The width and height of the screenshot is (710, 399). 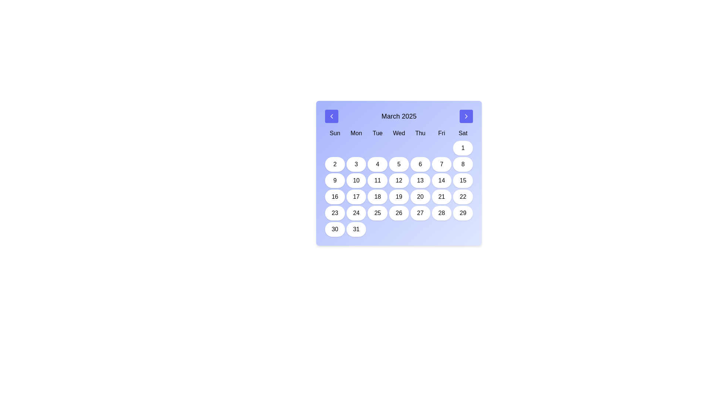 I want to click on the button representing the 17th day of March 2025 in the calendar interface, located in the third row and second column between the buttons for 16 and 18, so click(x=356, y=196).